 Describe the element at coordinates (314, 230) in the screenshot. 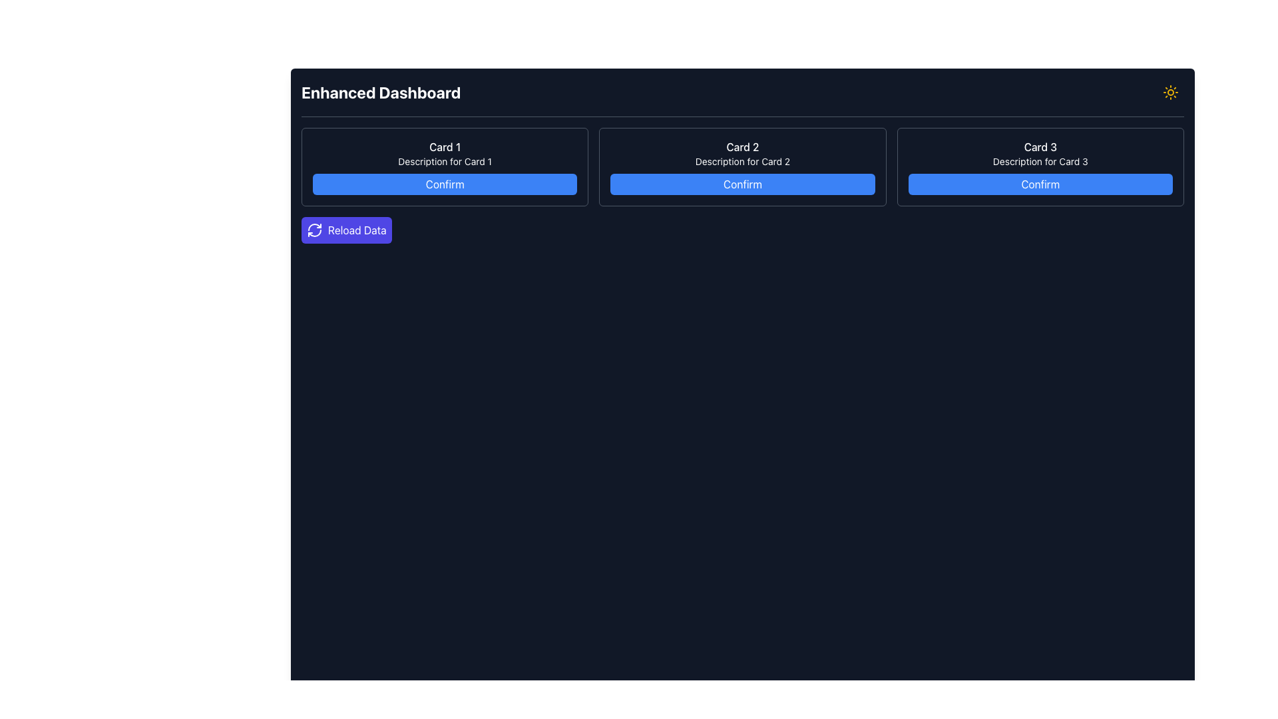

I see `the circular arrow icon representing a refresh action` at that location.